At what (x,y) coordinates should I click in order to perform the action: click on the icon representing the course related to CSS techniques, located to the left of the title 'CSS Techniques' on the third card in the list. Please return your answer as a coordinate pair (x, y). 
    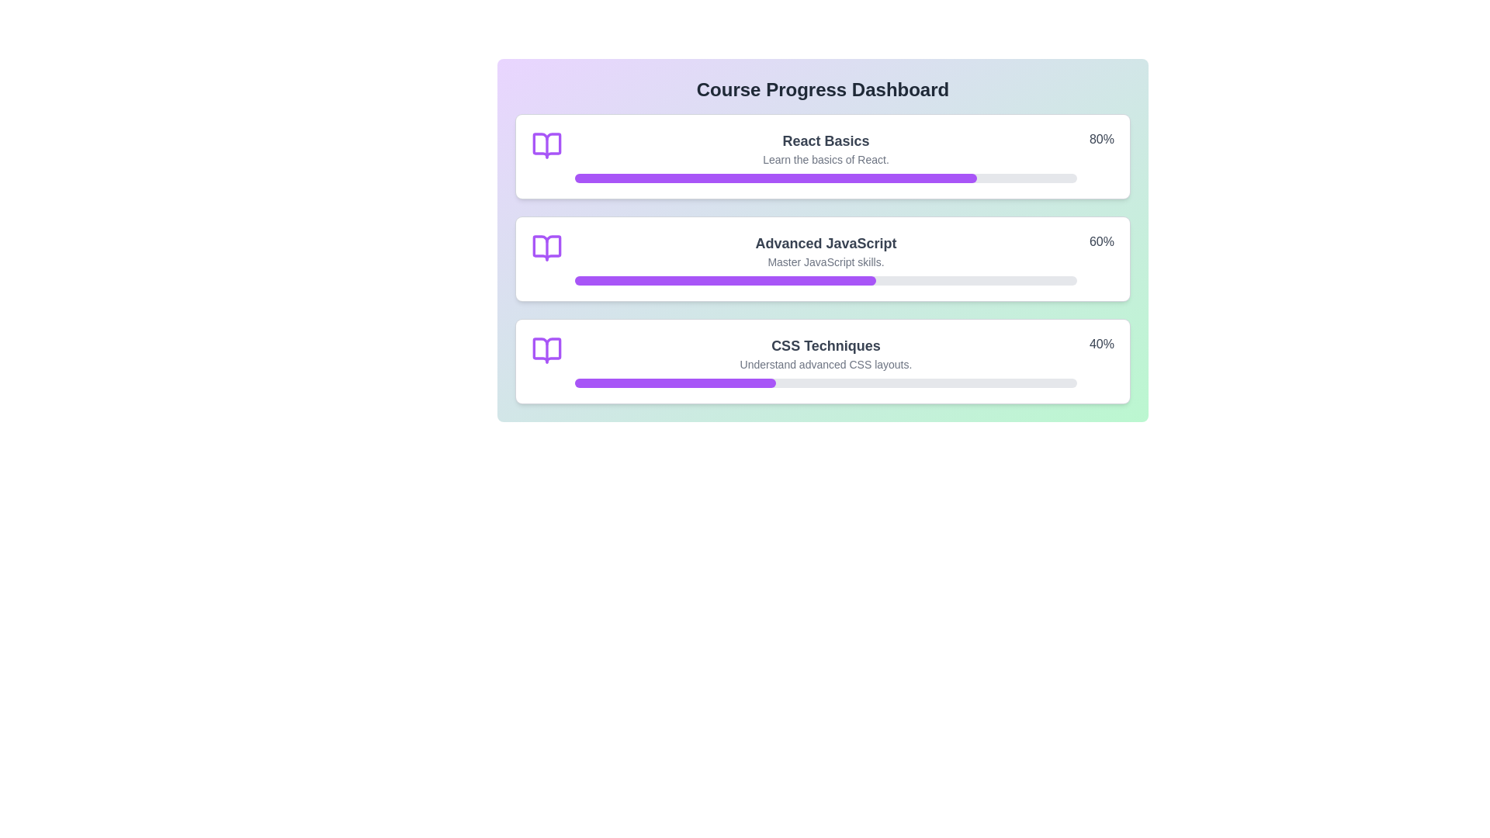
    Looking at the image, I should click on (547, 350).